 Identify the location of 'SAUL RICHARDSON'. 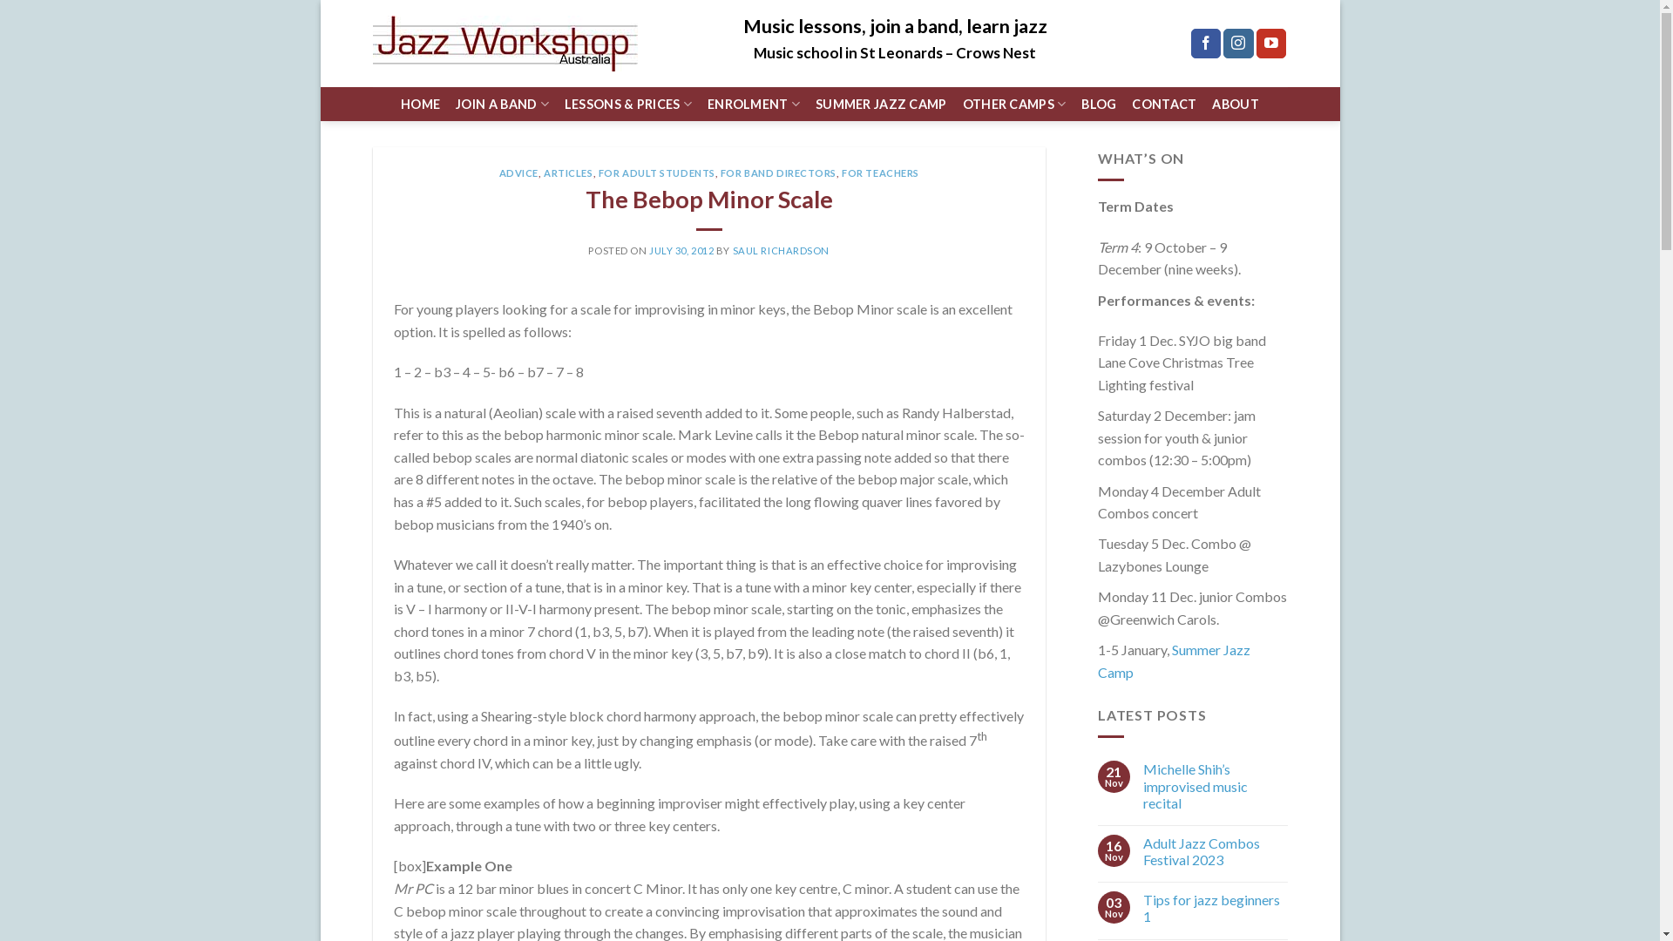
(780, 250).